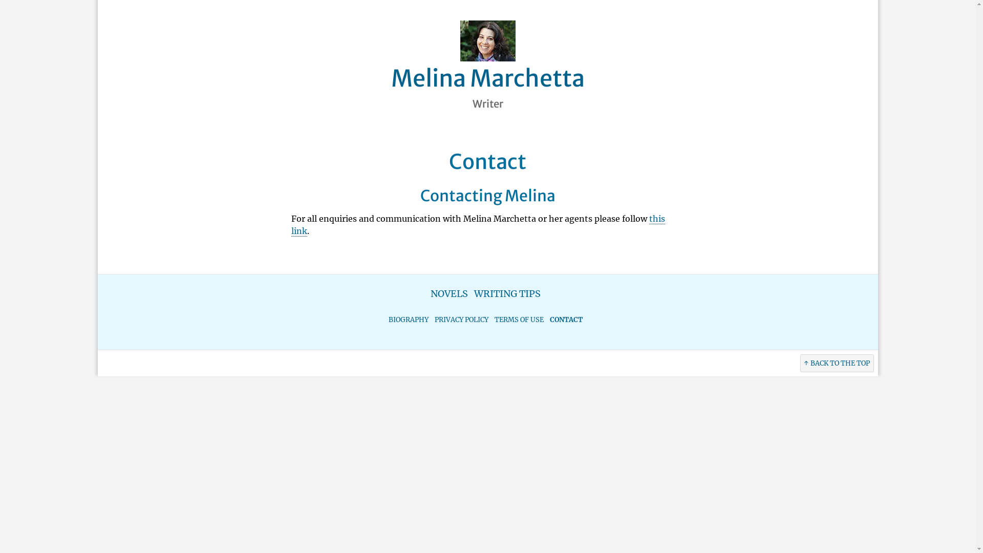  Describe the element at coordinates (449, 293) in the screenshot. I see `'NOVELS'` at that location.